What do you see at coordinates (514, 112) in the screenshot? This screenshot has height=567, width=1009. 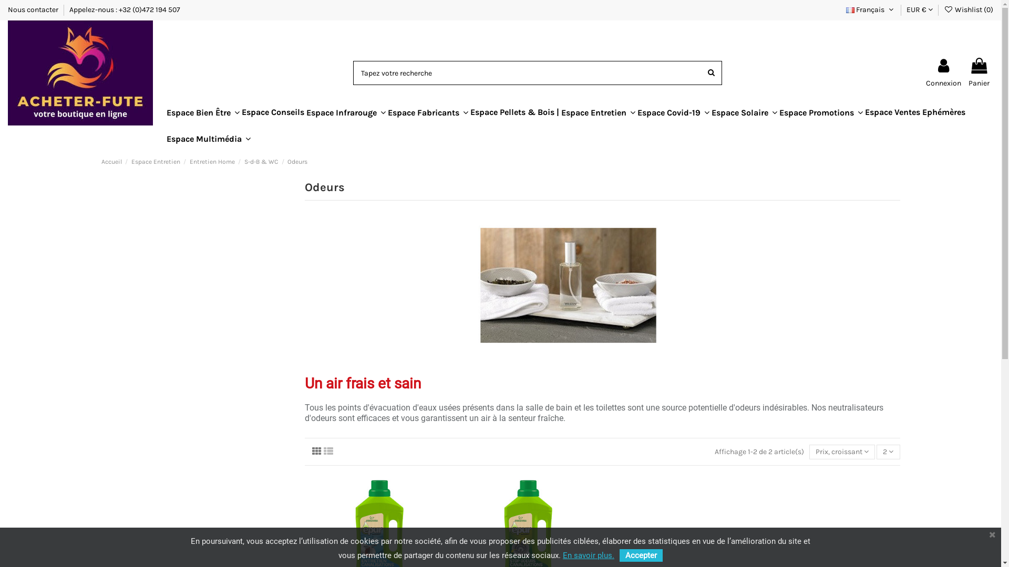 I see `'Espace Pellets & Bois |'` at bounding box center [514, 112].